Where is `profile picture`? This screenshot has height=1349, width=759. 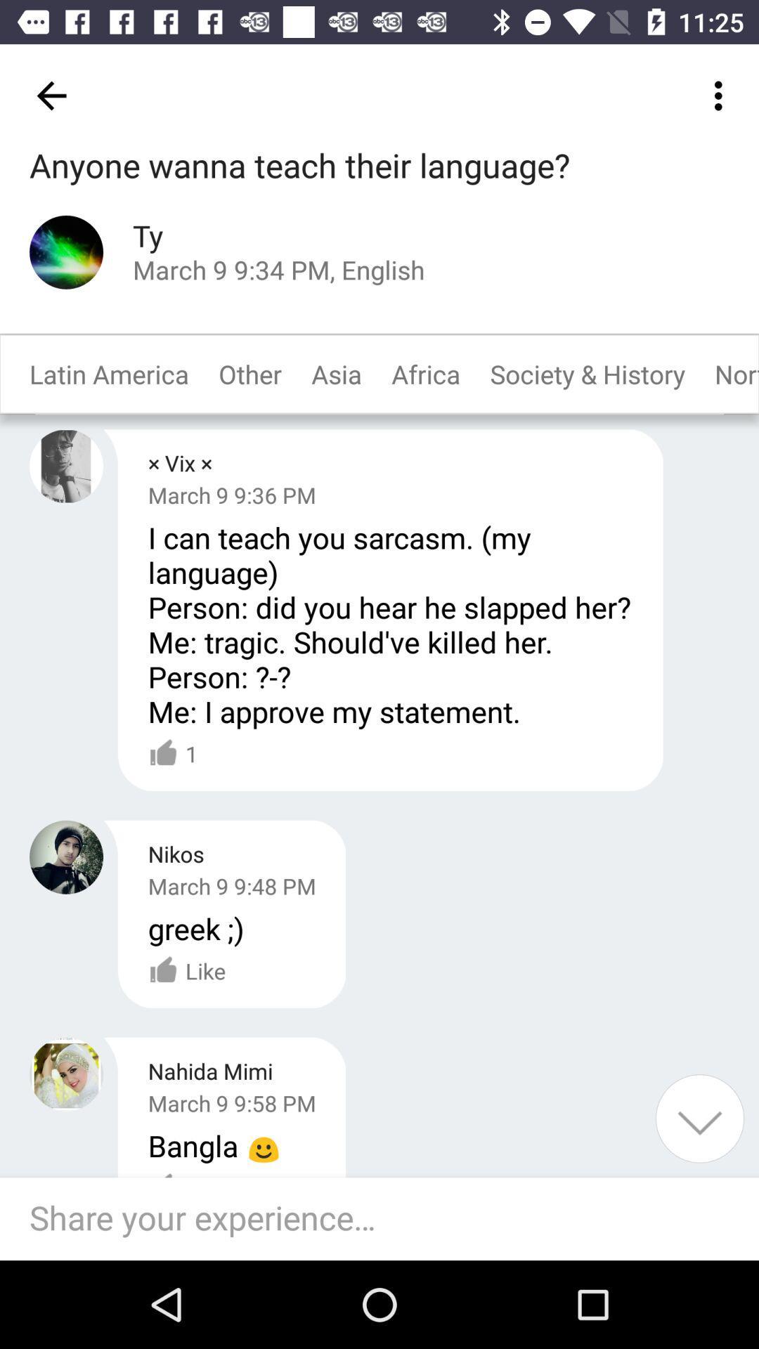 profile picture is located at coordinates (66, 856).